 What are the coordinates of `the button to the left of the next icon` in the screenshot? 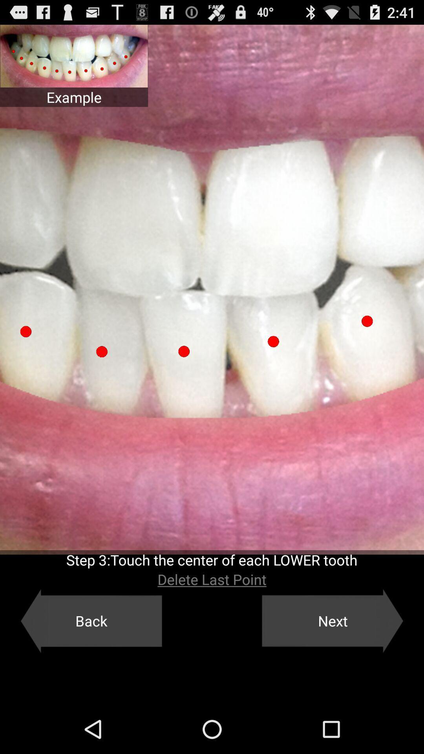 It's located at (91, 620).